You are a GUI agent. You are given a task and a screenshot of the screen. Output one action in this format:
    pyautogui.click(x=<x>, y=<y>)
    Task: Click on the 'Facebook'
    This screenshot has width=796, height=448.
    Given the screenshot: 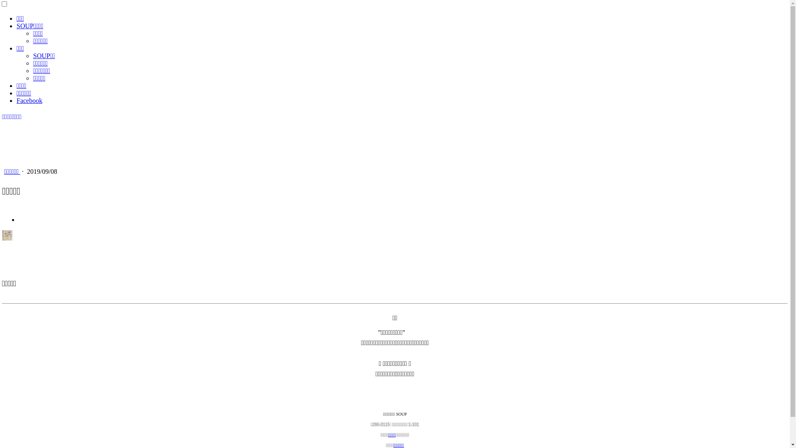 What is the action you would take?
    pyautogui.click(x=29, y=100)
    